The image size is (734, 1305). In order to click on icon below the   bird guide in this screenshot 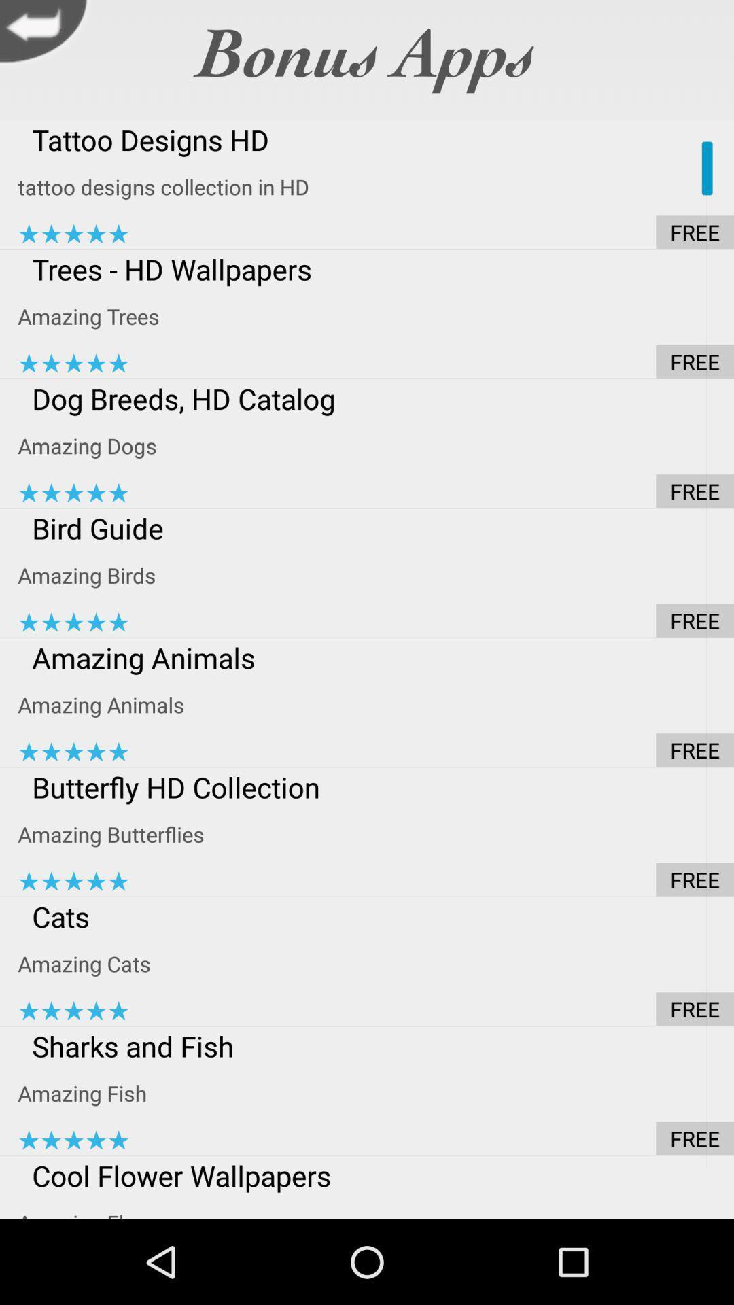, I will do `click(376, 575)`.